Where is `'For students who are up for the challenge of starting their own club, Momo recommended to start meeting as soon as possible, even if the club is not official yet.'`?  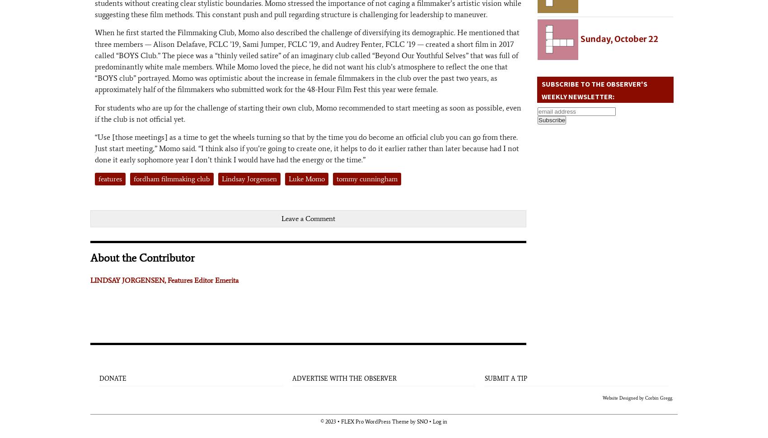
'For students who are up for the challenge of starting their own club, Momo recommended to start meeting as soon as possible, even if the club is not official yet.' is located at coordinates (308, 113).